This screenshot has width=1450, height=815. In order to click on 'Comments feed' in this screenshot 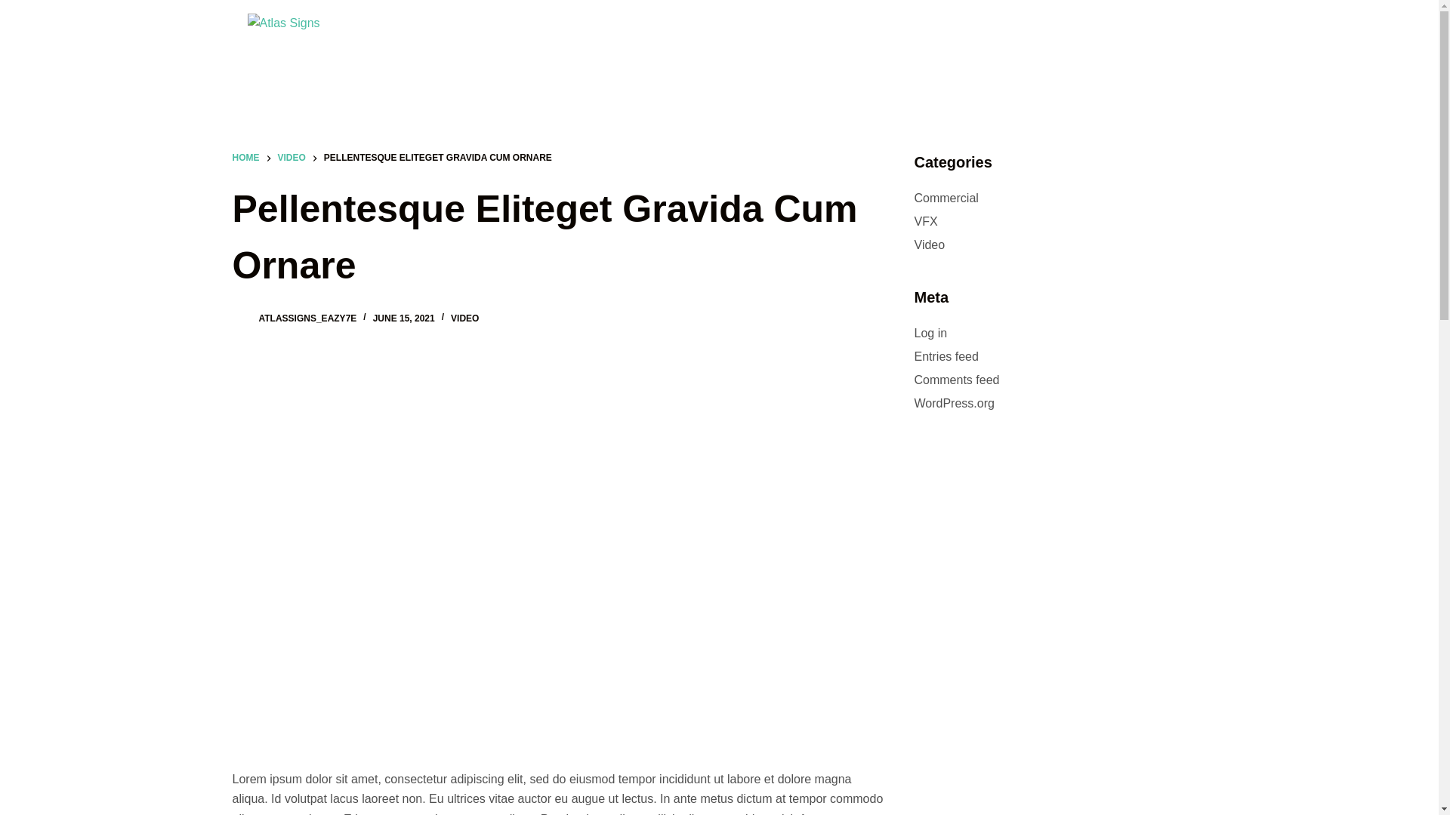, I will do `click(955, 379)`.